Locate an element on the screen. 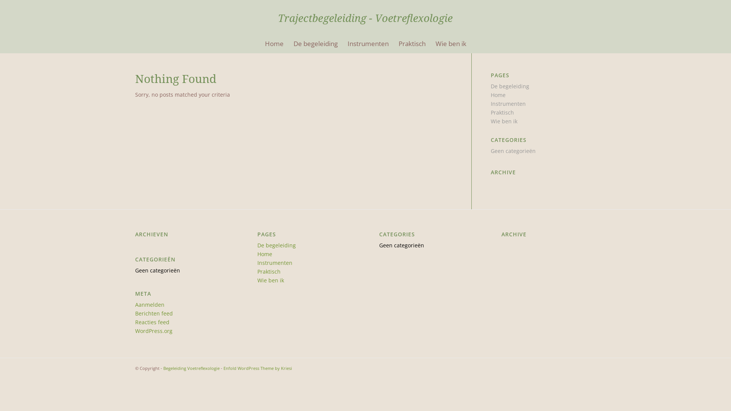 The height and width of the screenshot is (411, 731). 'Reacties feed' is located at coordinates (152, 322).